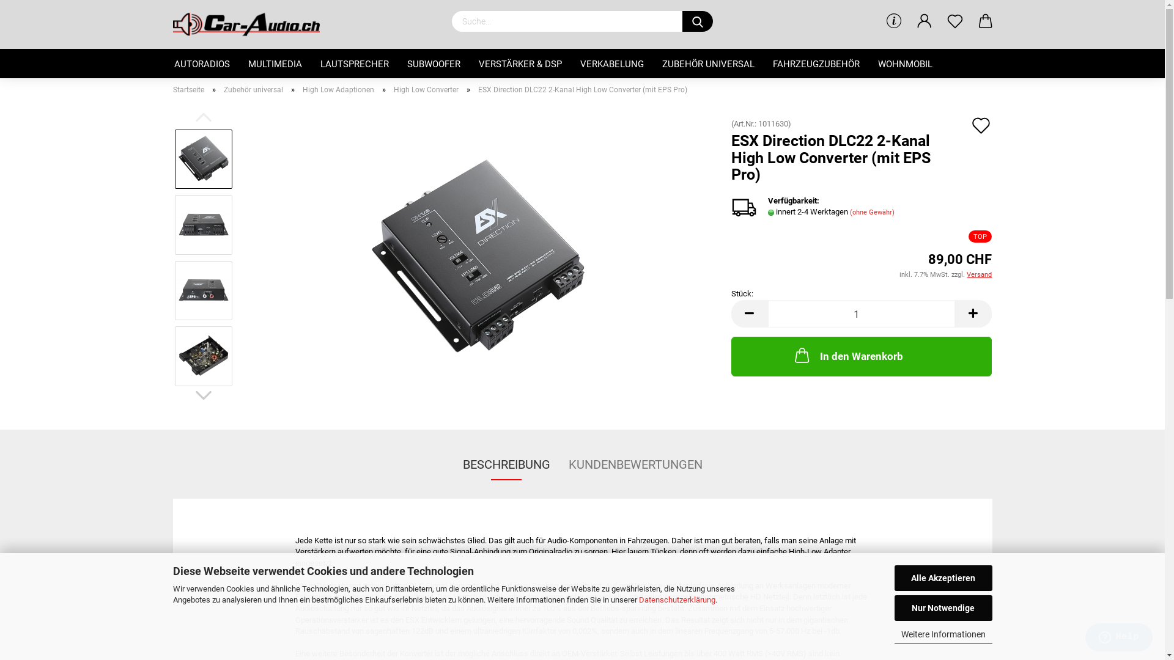  What do you see at coordinates (311, 64) in the screenshot?
I see `'LAUTSPRECHER'` at bounding box center [311, 64].